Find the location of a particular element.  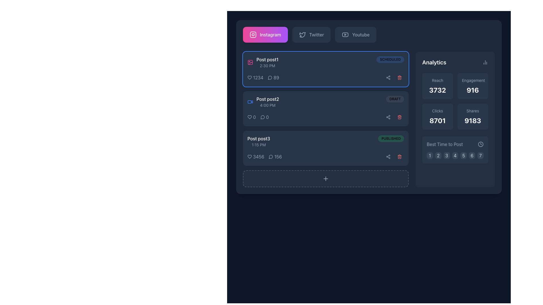

the square button with a dark slate background labeled '2' is located at coordinates (438, 156).